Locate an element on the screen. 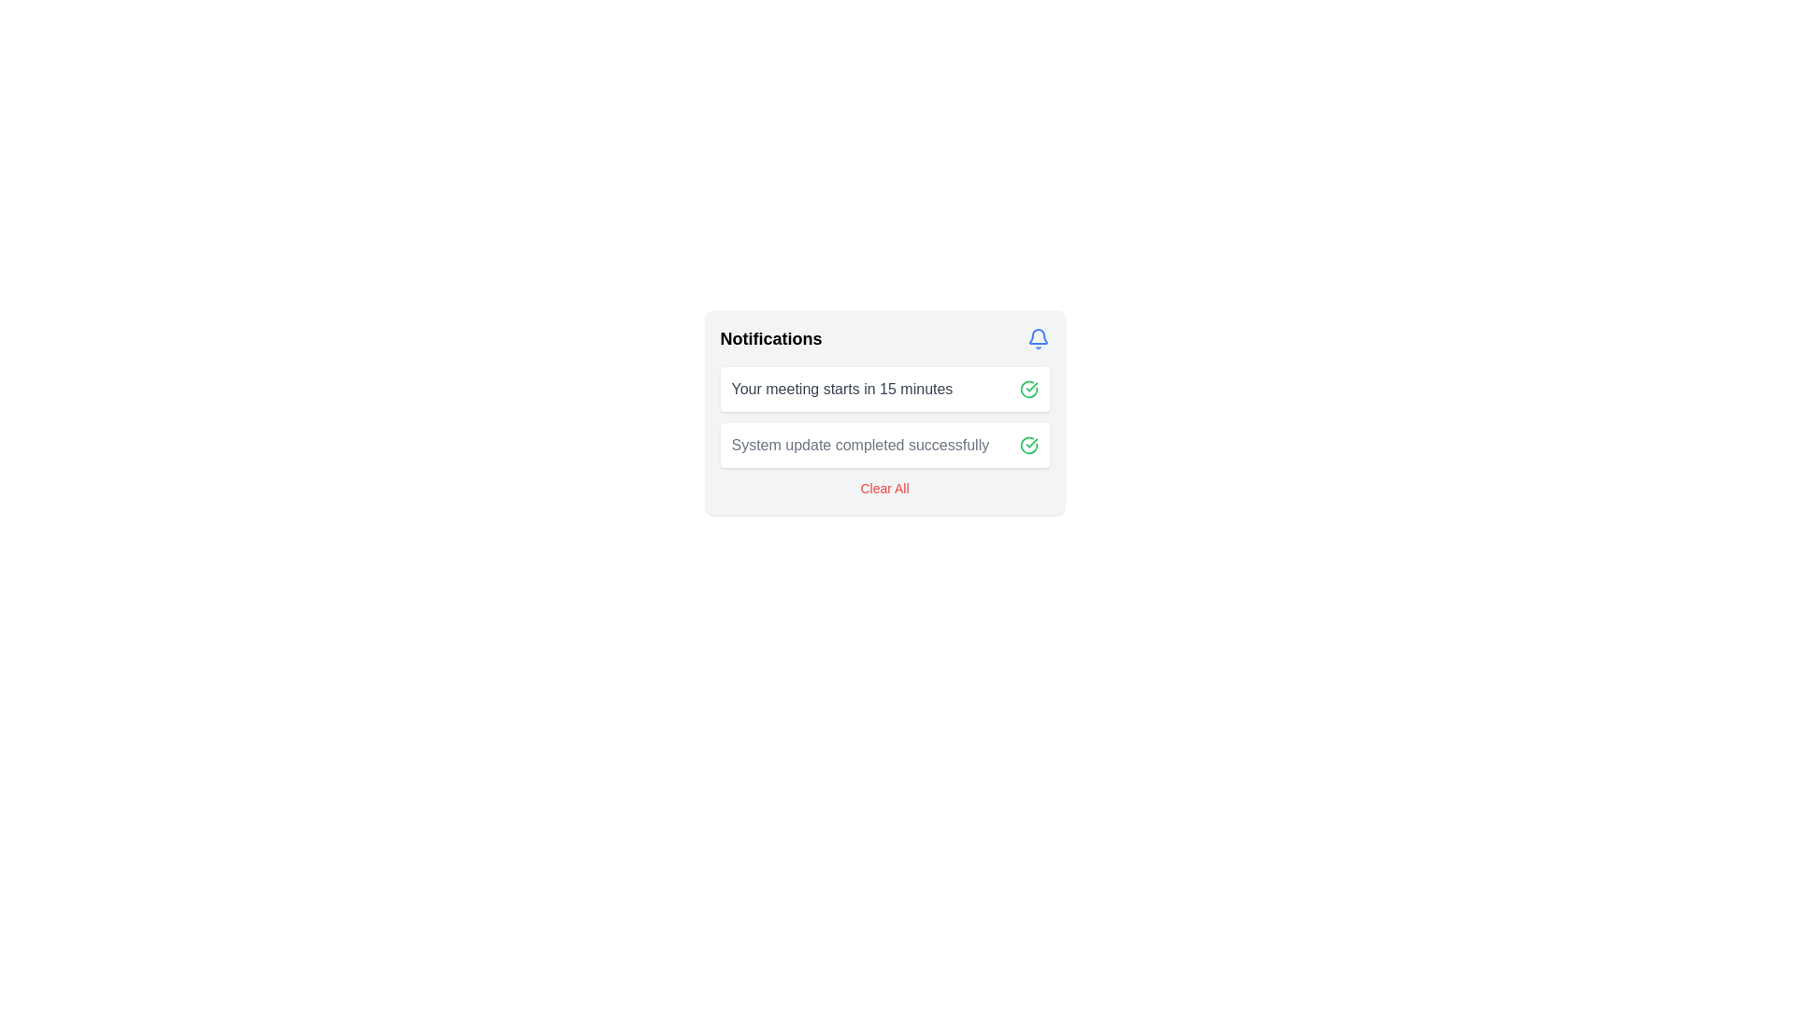  the 'Clear All' button, which is a small text button with red-colored text located at the bottom of the notification section is located at coordinates (883, 488).